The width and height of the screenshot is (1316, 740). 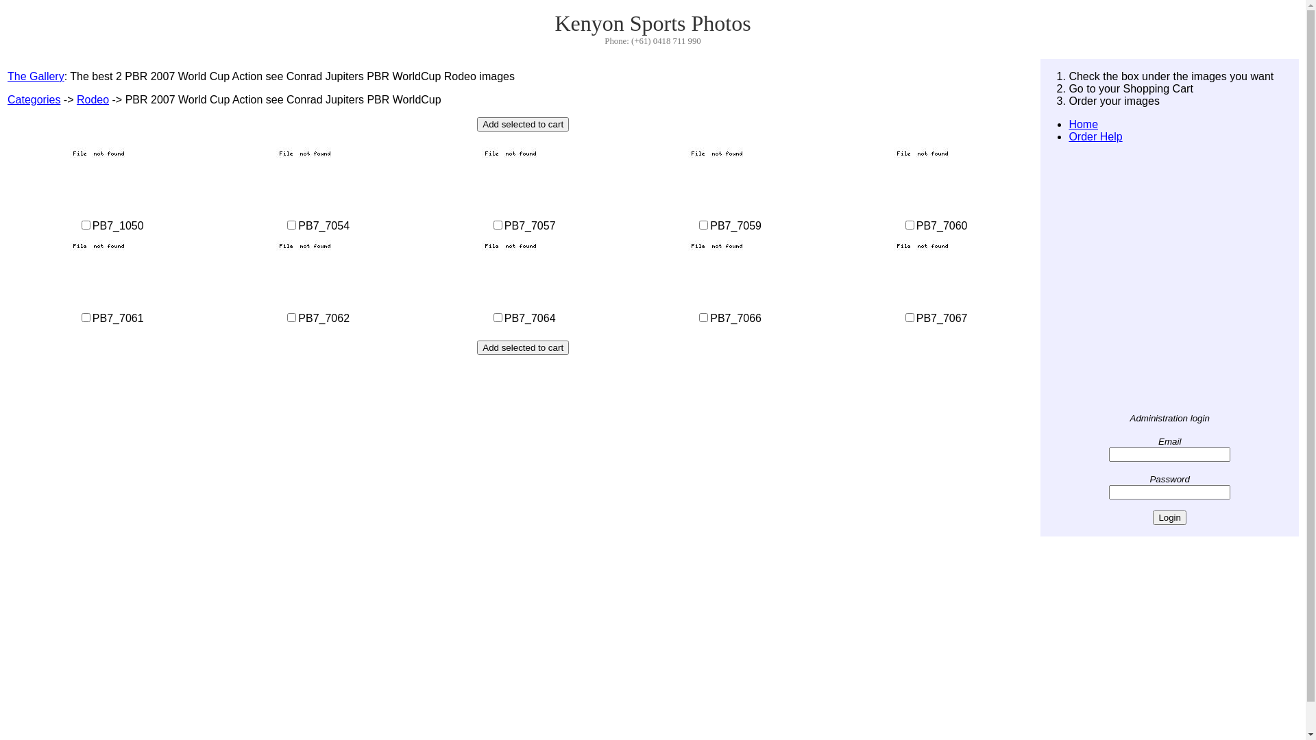 I want to click on 'Rodeo', so click(x=92, y=99).